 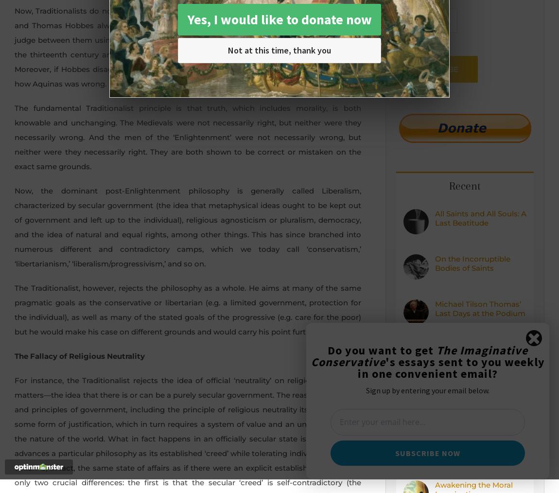 What do you see at coordinates (472, 263) in the screenshot?
I see `'On the Incorruptible Bodies of Saints'` at bounding box center [472, 263].